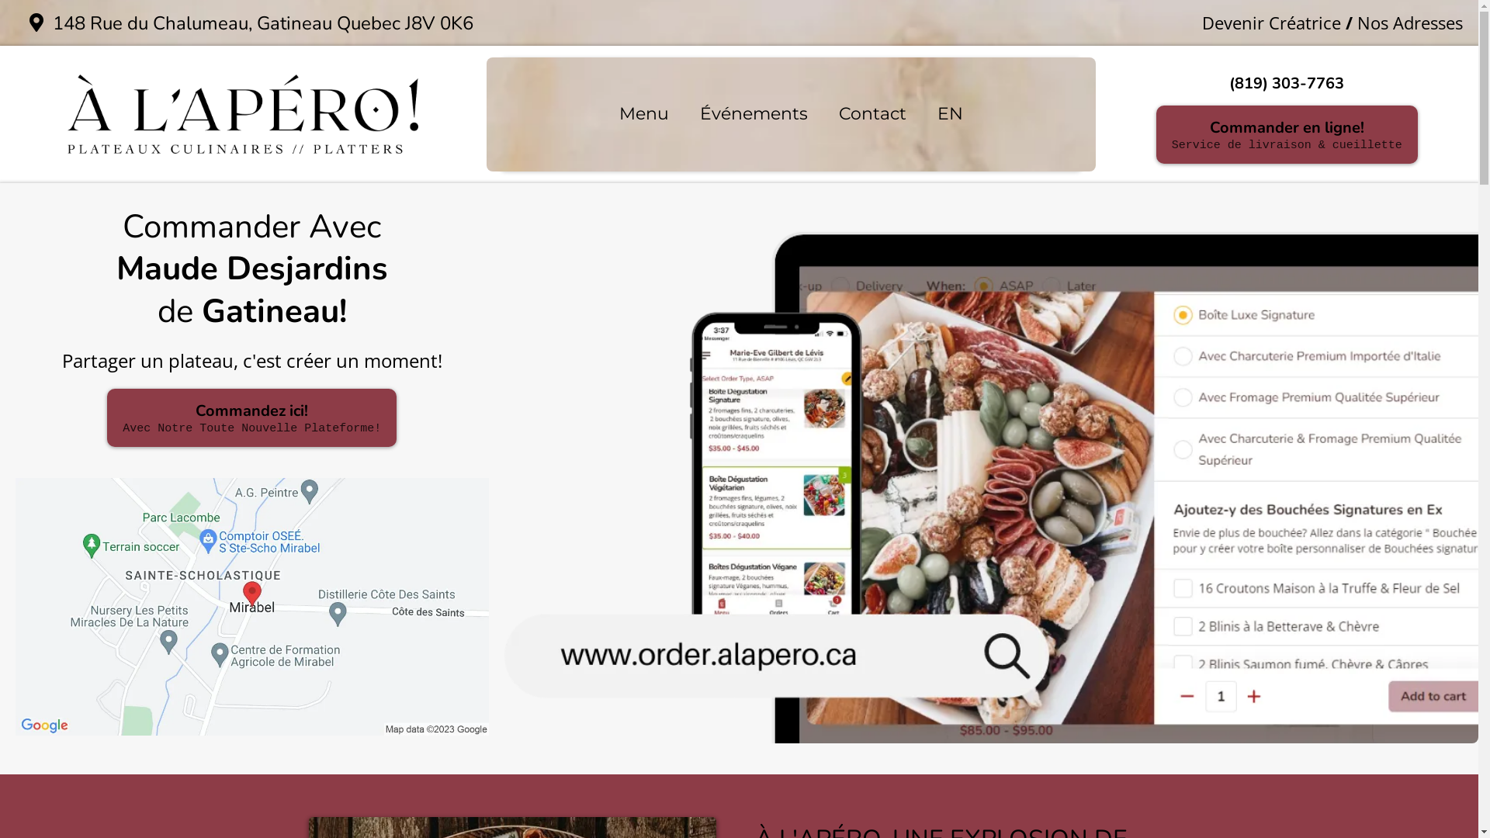 The width and height of the screenshot is (1490, 838). Describe the element at coordinates (1286, 83) in the screenshot. I see `'(819) 303-7763'` at that location.